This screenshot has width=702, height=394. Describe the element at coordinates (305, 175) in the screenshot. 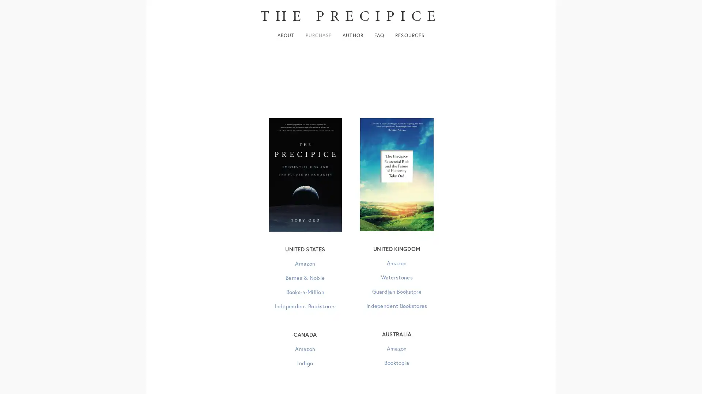

I see `View fullsize US edition` at that location.